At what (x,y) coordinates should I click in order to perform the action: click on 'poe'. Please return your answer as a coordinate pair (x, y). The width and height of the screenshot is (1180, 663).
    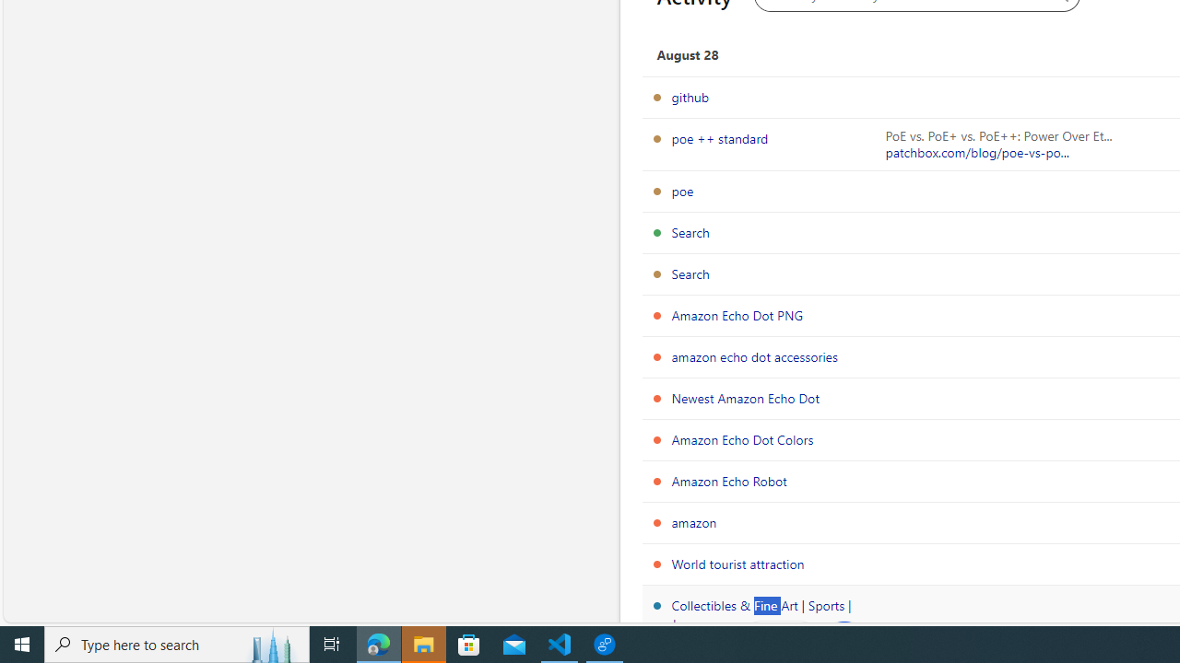
    Looking at the image, I should click on (681, 191).